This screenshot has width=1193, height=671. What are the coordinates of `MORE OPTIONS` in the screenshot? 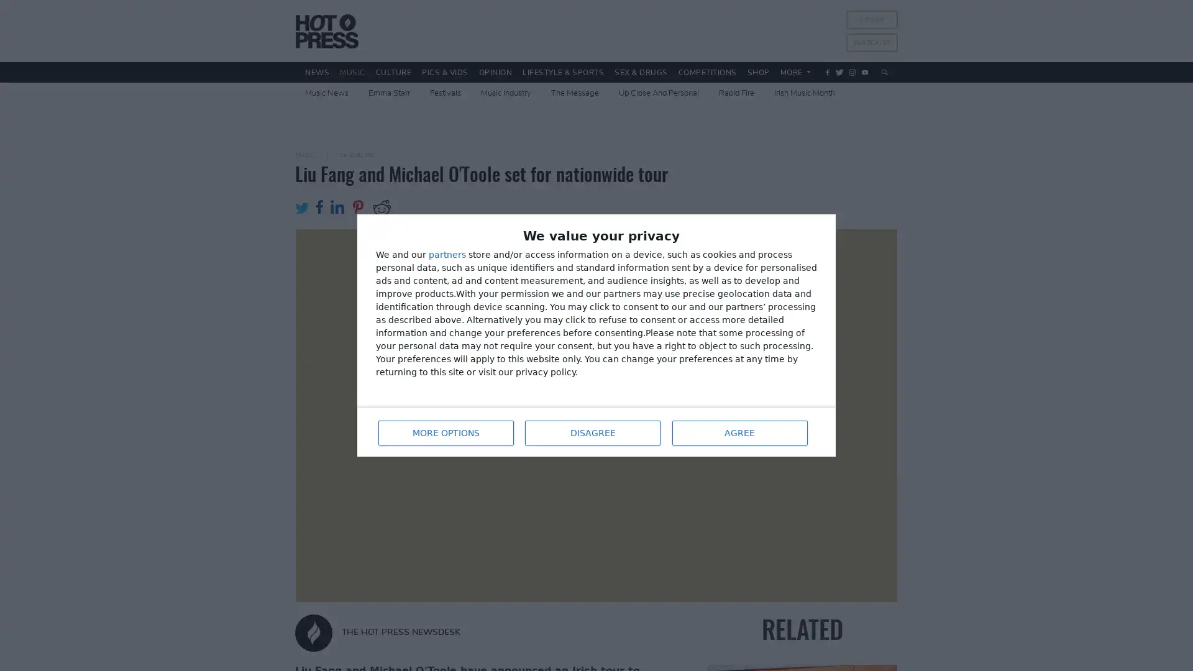 It's located at (444, 431).